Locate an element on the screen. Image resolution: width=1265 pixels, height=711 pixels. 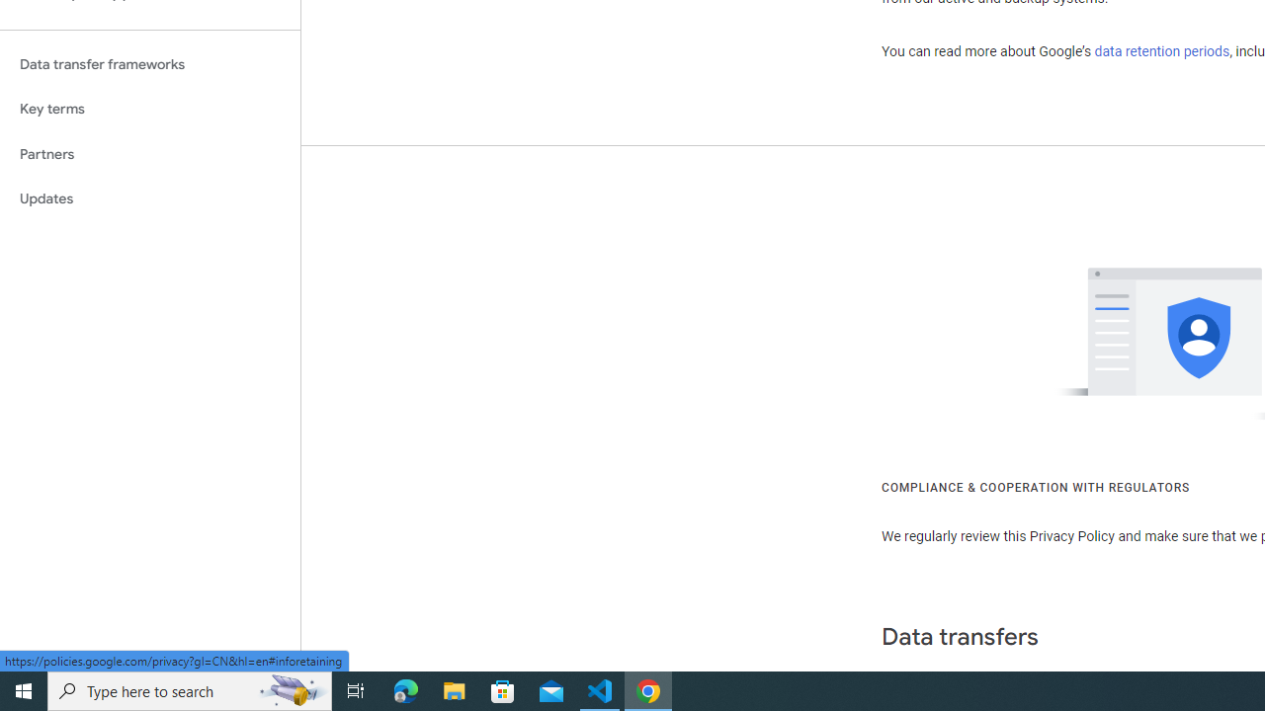
'Partners' is located at coordinates (149, 153).